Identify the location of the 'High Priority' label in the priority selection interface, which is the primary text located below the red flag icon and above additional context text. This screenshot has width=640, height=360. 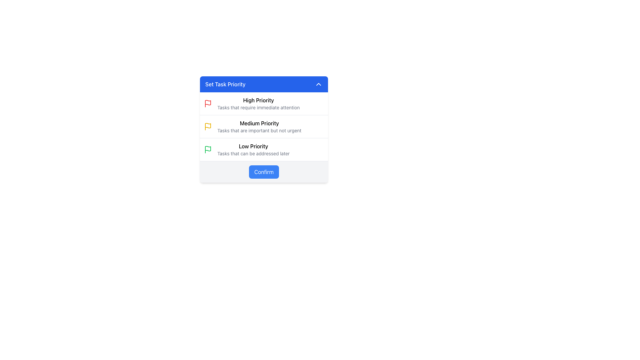
(258, 100).